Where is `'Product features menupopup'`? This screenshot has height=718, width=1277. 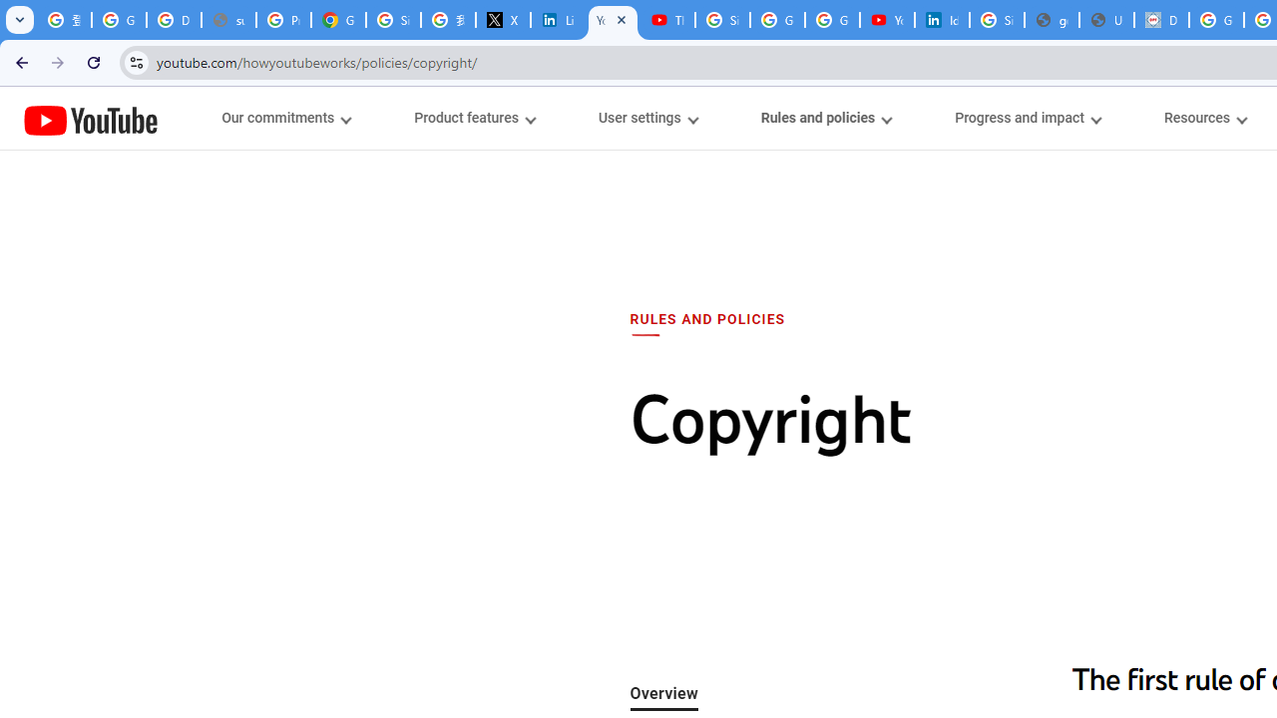 'Product features menupopup' is located at coordinates (473, 118).